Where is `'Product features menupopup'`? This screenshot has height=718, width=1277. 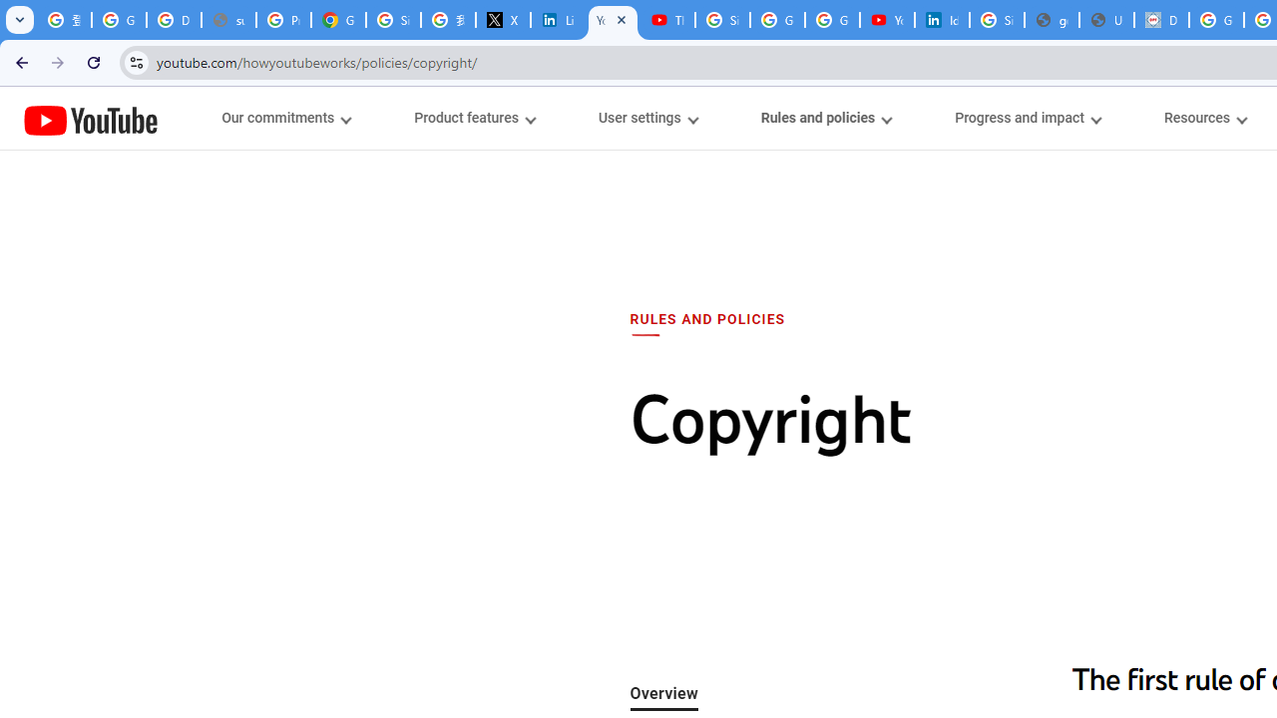 'Product features menupopup' is located at coordinates (473, 118).